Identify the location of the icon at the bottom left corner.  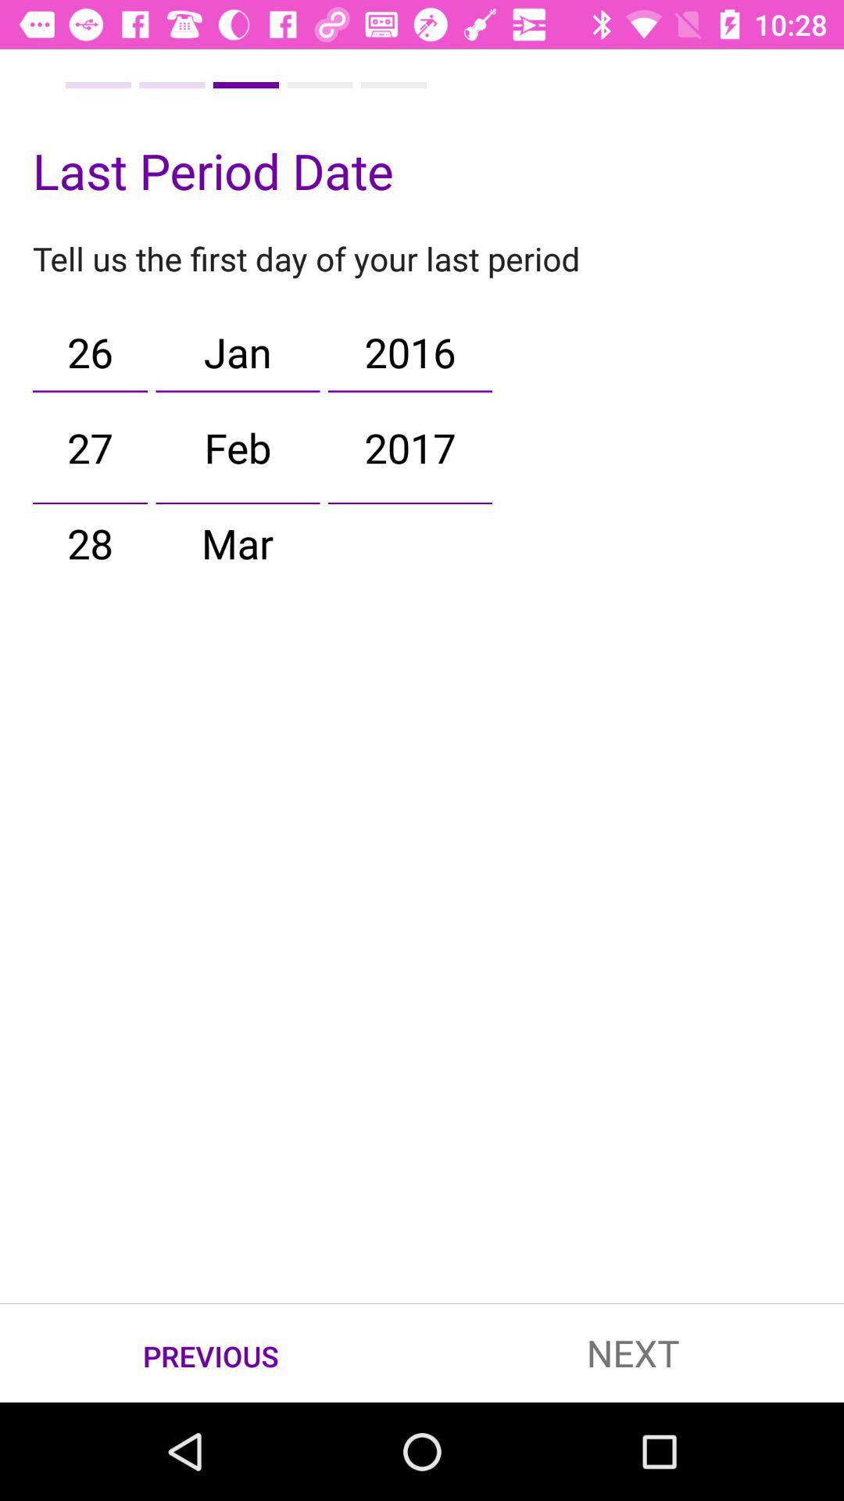
(211, 1353).